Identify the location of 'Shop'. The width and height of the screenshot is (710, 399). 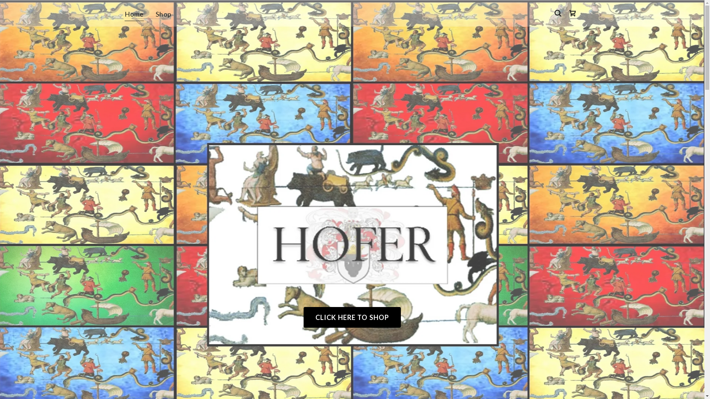
(163, 14).